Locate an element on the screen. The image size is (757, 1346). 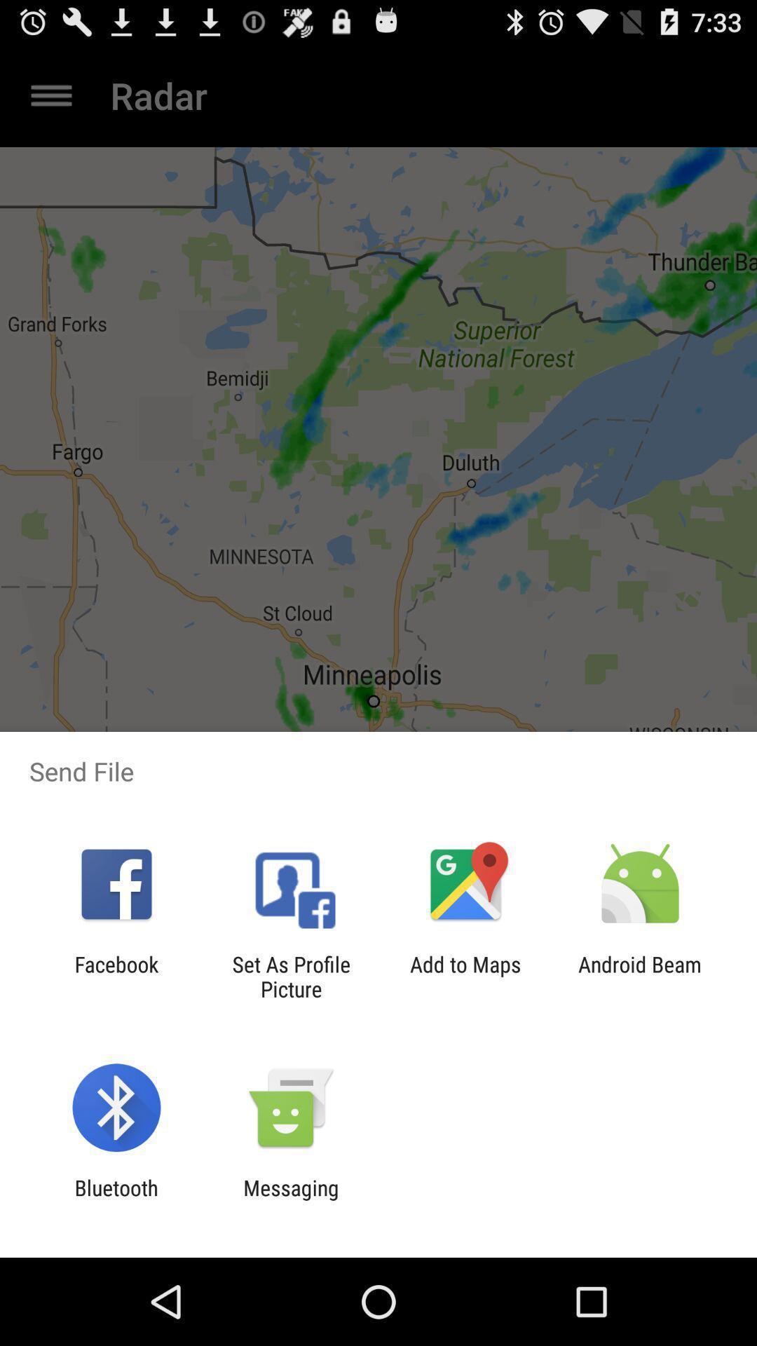
the app next to the facebook is located at coordinates (290, 976).